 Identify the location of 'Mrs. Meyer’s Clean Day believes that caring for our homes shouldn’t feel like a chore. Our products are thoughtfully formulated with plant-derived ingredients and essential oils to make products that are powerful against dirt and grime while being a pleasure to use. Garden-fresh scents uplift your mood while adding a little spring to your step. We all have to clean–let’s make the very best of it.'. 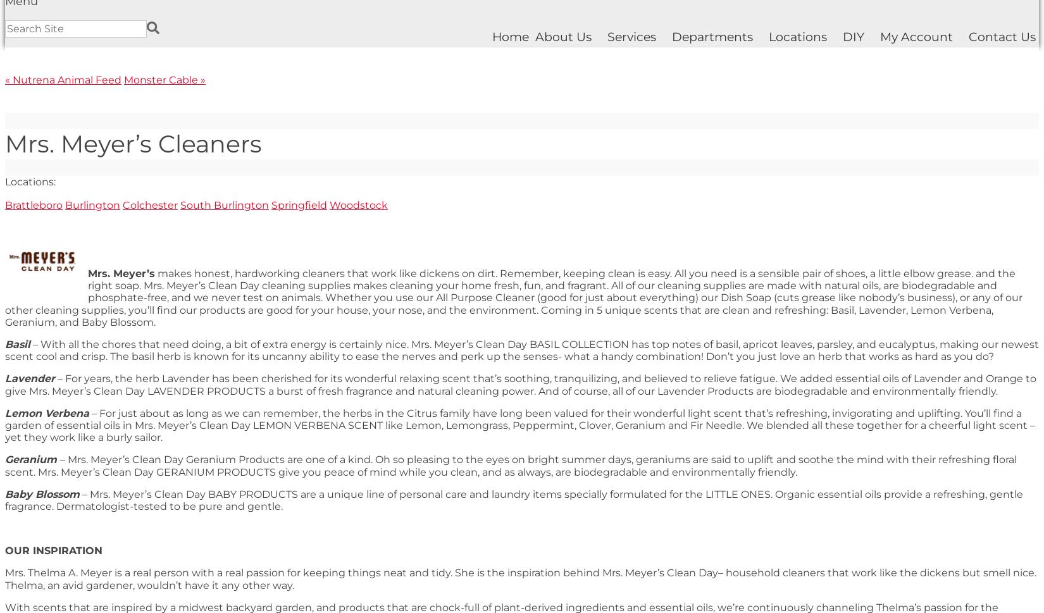
(516, 146).